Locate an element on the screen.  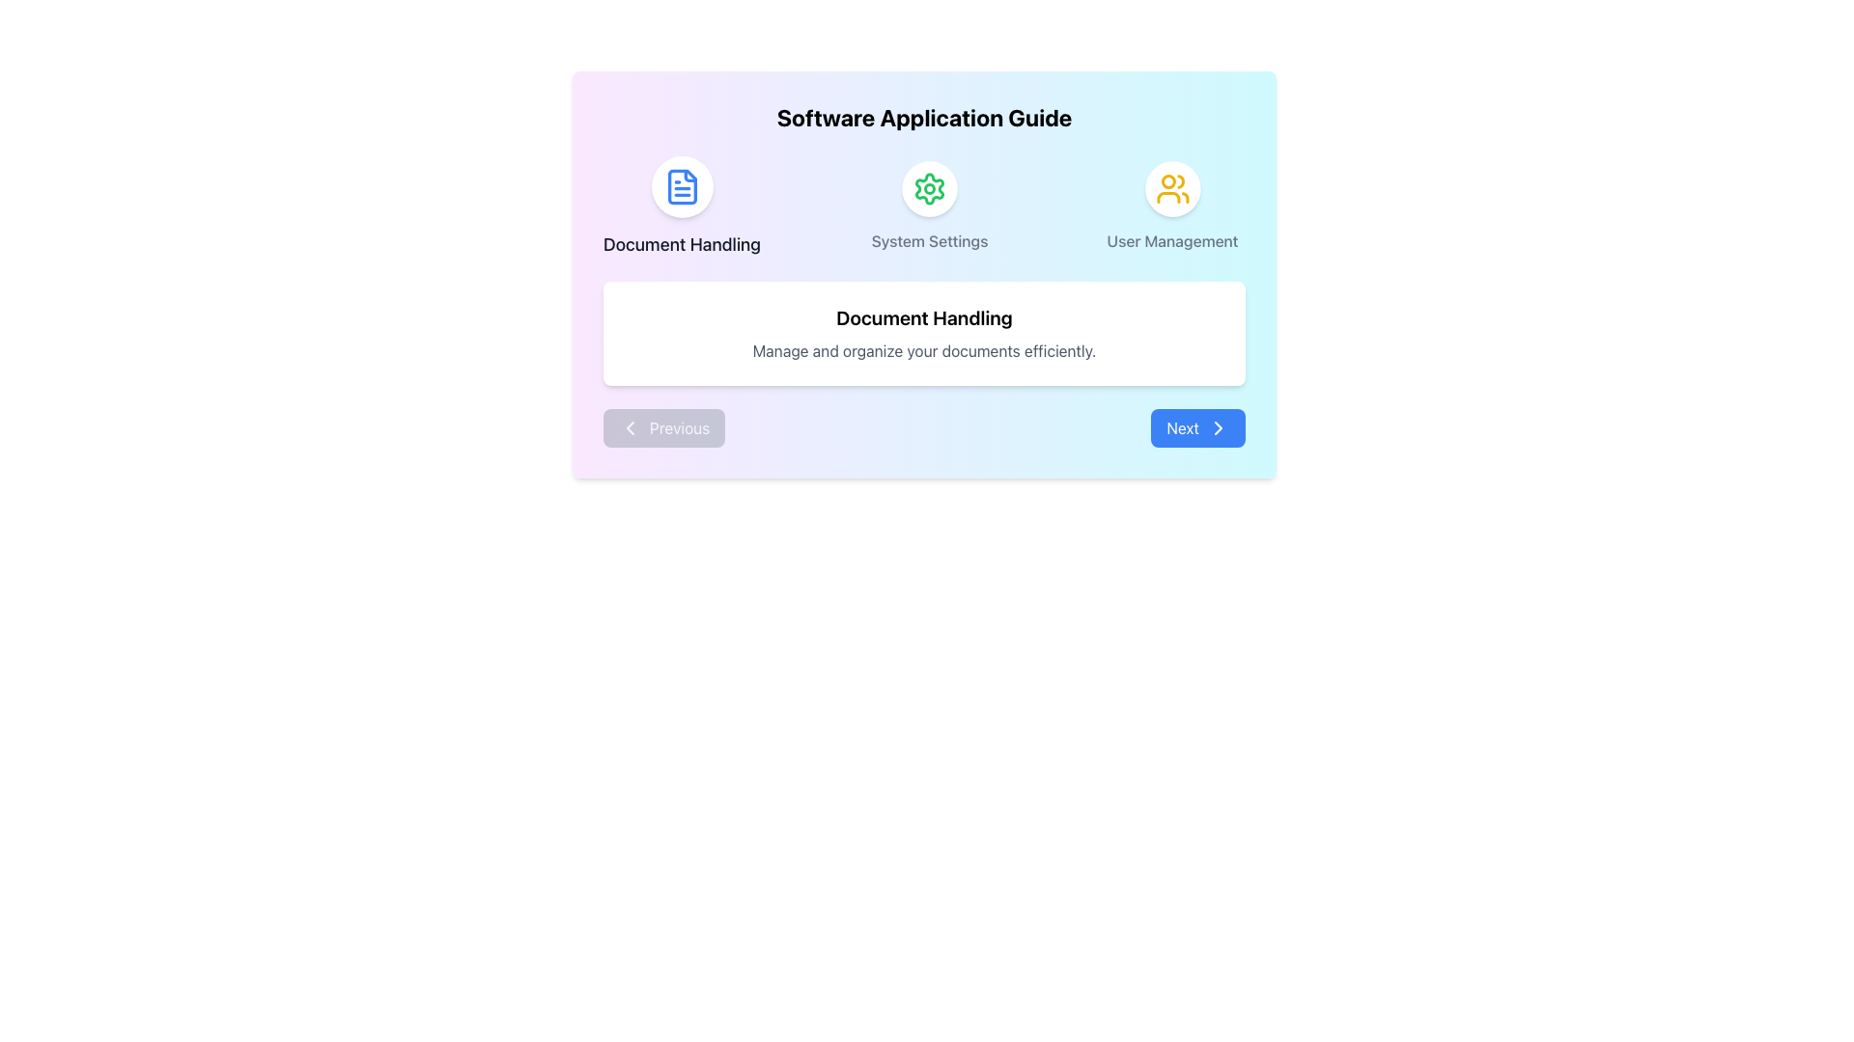
the green gear icon in the middle section labeled 'System Settings' is located at coordinates (930, 189).